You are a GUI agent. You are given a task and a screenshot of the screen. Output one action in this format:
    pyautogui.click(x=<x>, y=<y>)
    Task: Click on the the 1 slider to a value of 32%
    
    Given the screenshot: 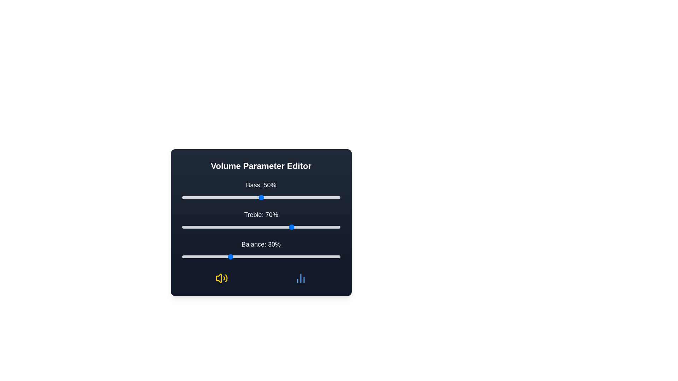 What is the action you would take?
    pyautogui.click(x=232, y=227)
    